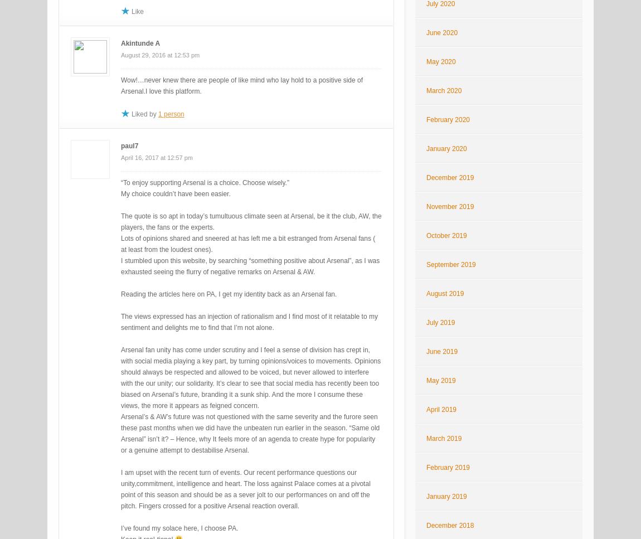  I want to click on 'February 2019', so click(447, 467).